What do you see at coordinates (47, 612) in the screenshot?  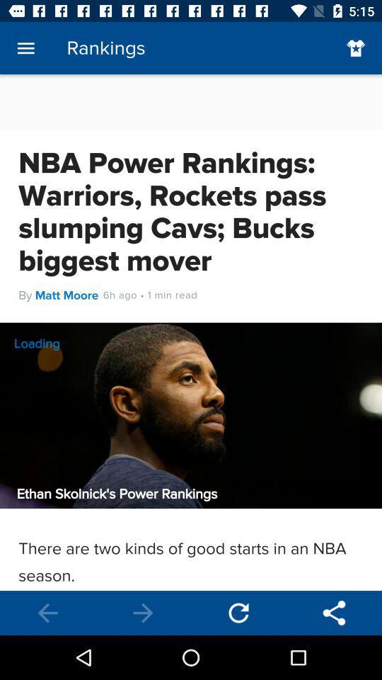 I see `previous` at bounding box center [47, 612].